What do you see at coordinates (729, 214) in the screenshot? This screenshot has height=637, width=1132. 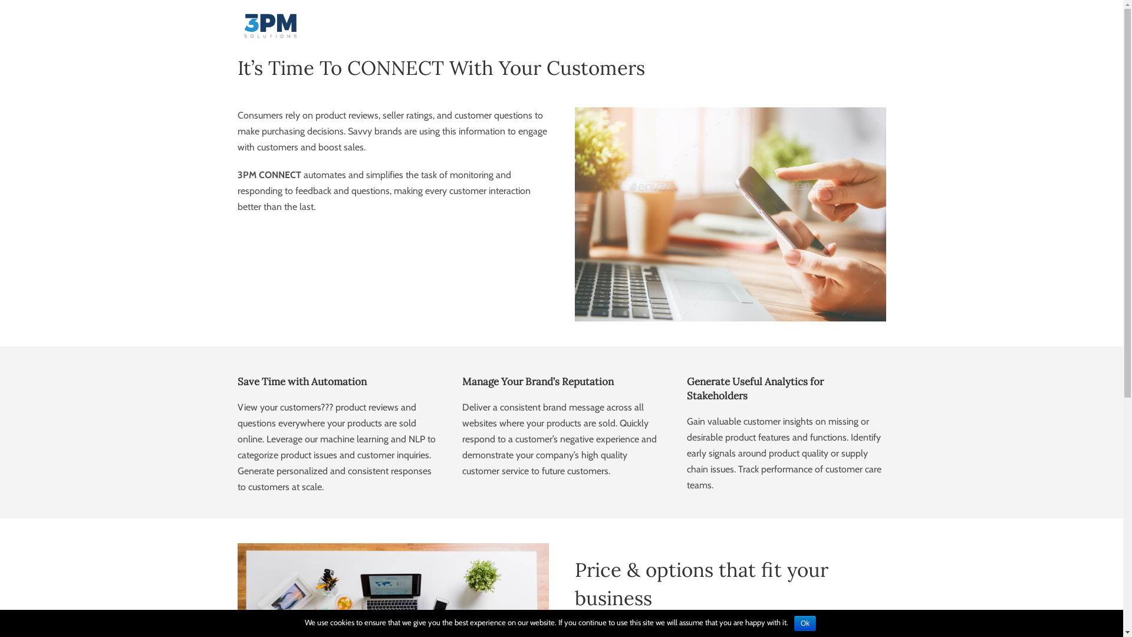 I see `'reviewing'` at bounding box center [729, 214].